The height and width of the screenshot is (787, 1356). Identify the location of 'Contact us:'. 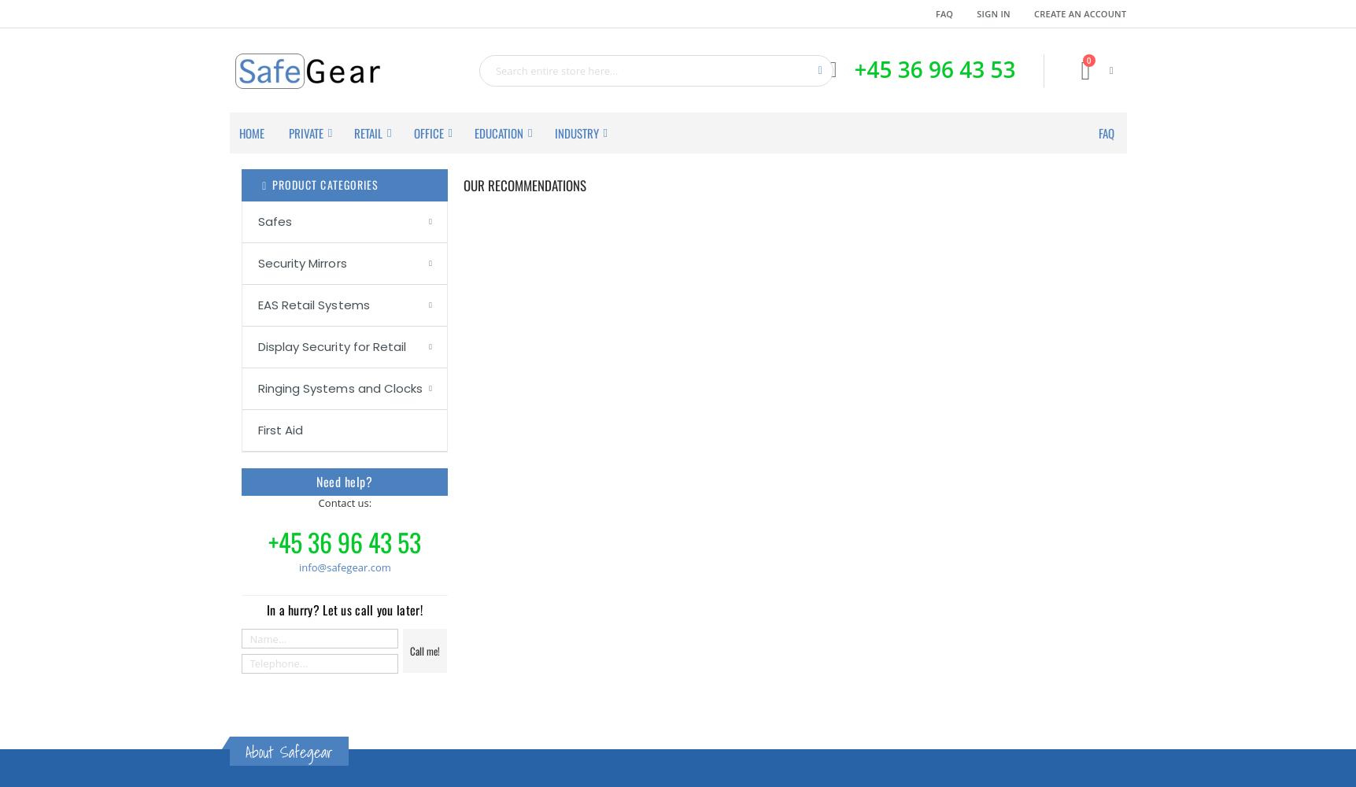
(344, 503).